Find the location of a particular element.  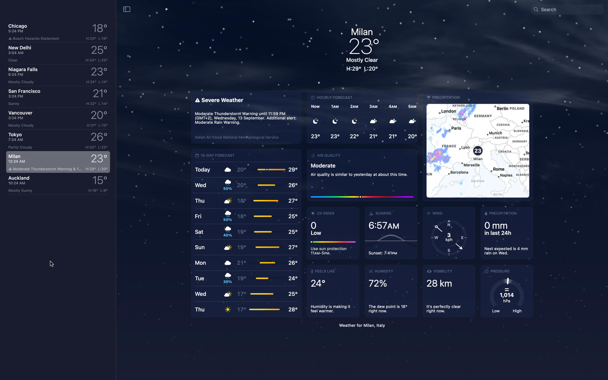

Look up the weather in "Paris France is located at coordinates (571, 9).